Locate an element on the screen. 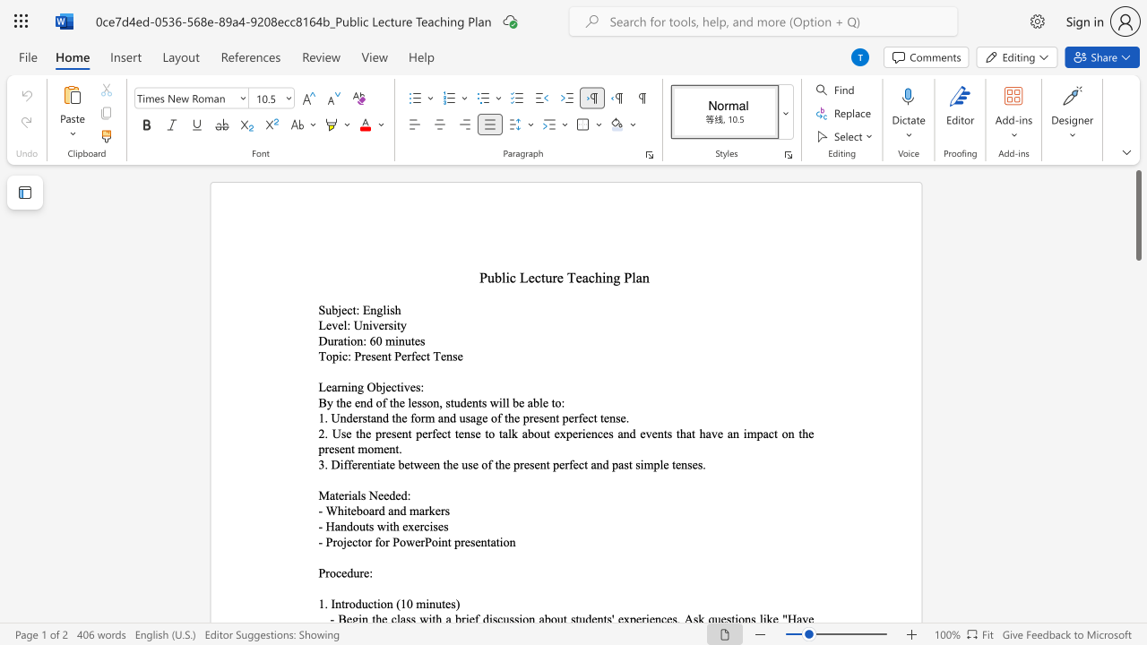  the space between the continuous character "r" and "P" in the text is located at coordinates (424, 541).